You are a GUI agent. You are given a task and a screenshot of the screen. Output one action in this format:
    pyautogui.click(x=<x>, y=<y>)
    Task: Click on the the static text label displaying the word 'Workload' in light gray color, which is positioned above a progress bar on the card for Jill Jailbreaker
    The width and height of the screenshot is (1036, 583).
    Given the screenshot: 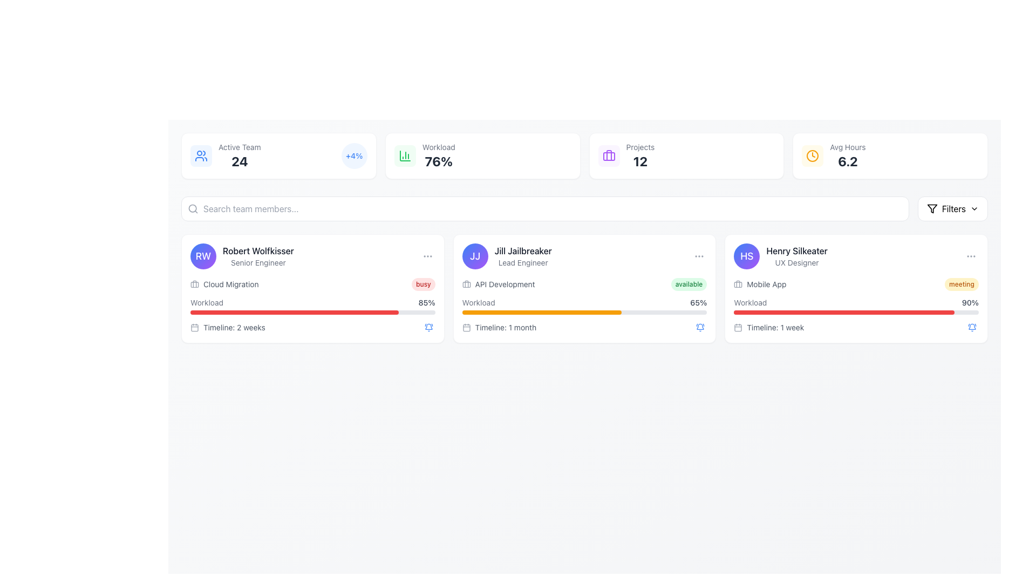 What is the action you would take?
    pyautogui.click(x=478, y=302)
    